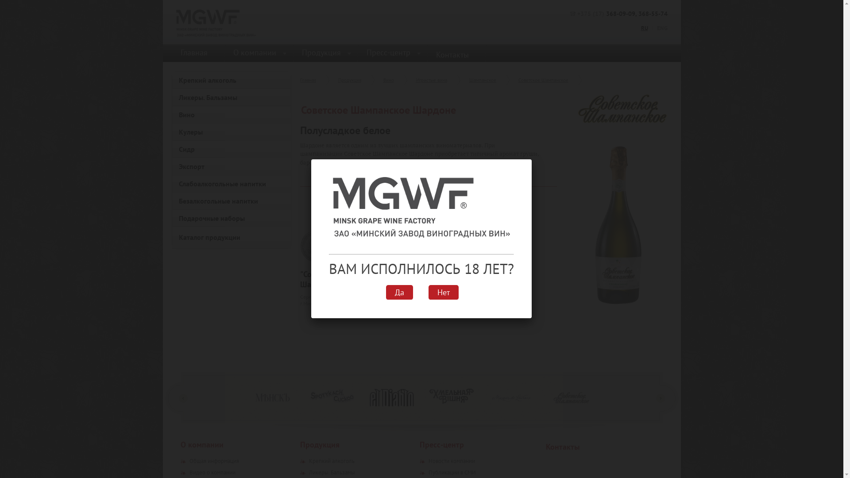  I want to click on 'ENG', so click(660, 27).